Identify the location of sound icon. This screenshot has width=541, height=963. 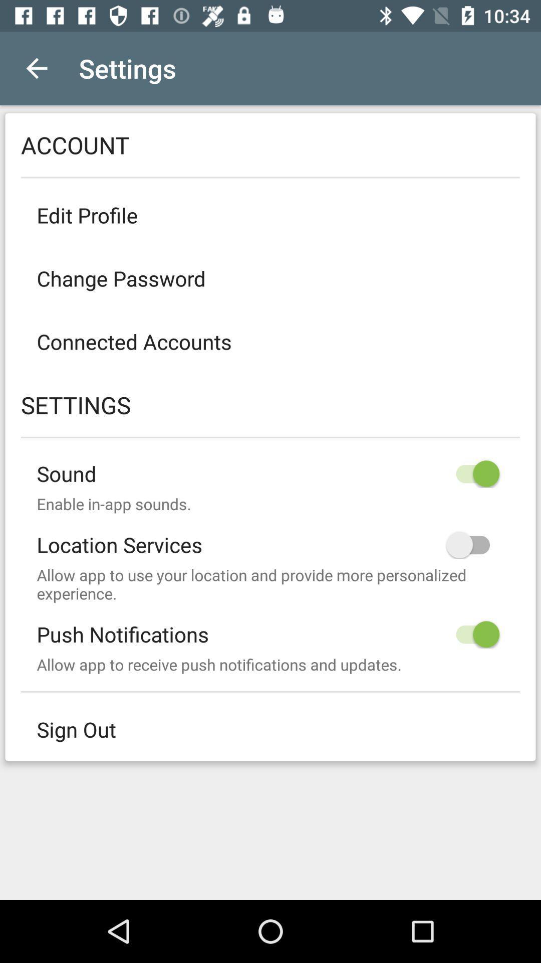
(270, 465).